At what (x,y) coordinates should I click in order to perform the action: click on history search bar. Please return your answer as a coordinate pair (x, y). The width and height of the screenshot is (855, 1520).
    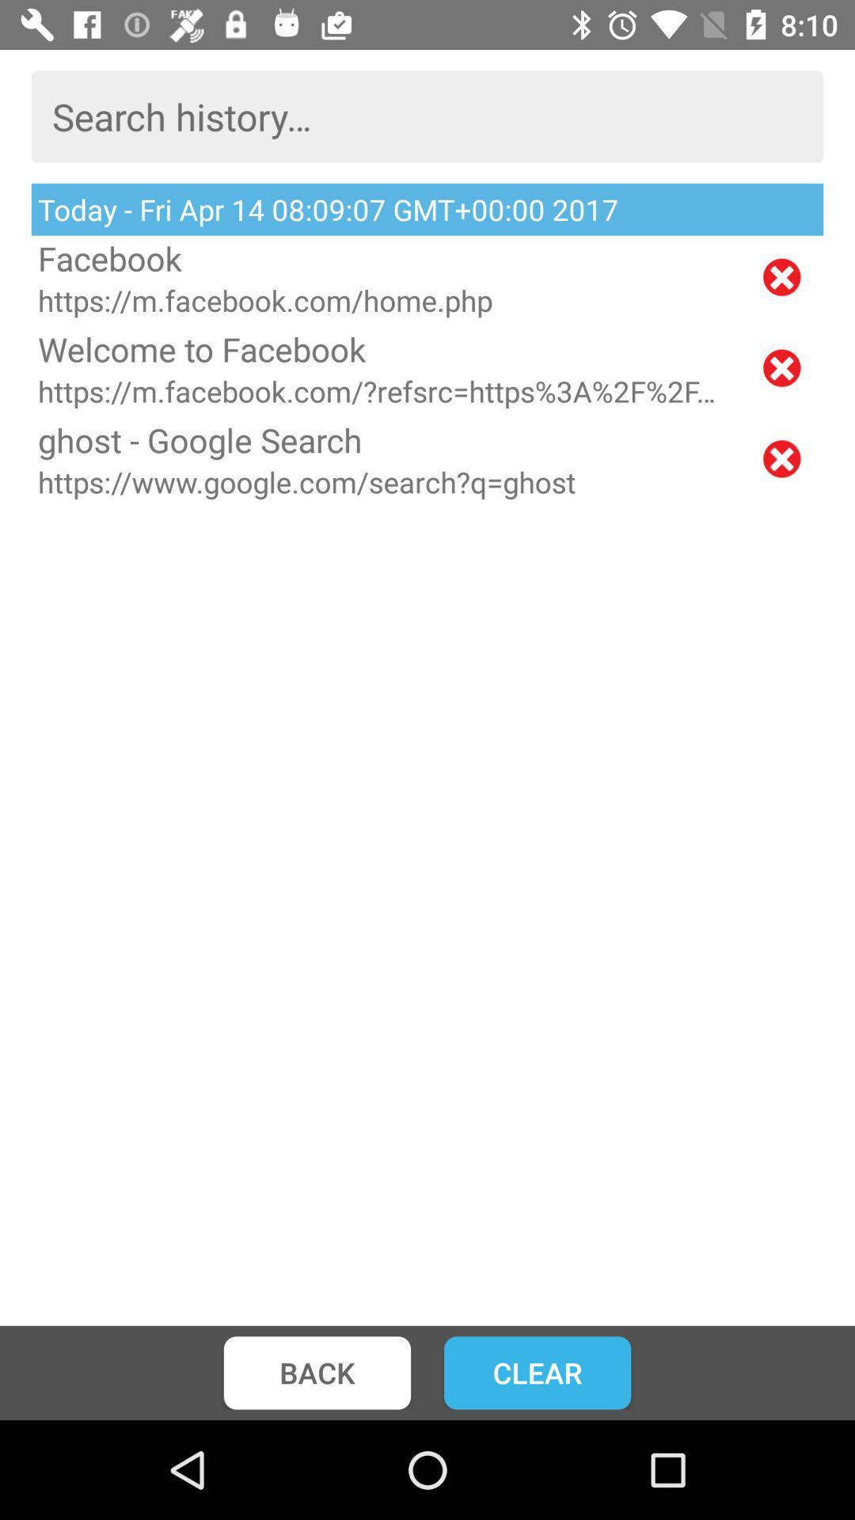
    Looking at the image, I should click on (427, 116).